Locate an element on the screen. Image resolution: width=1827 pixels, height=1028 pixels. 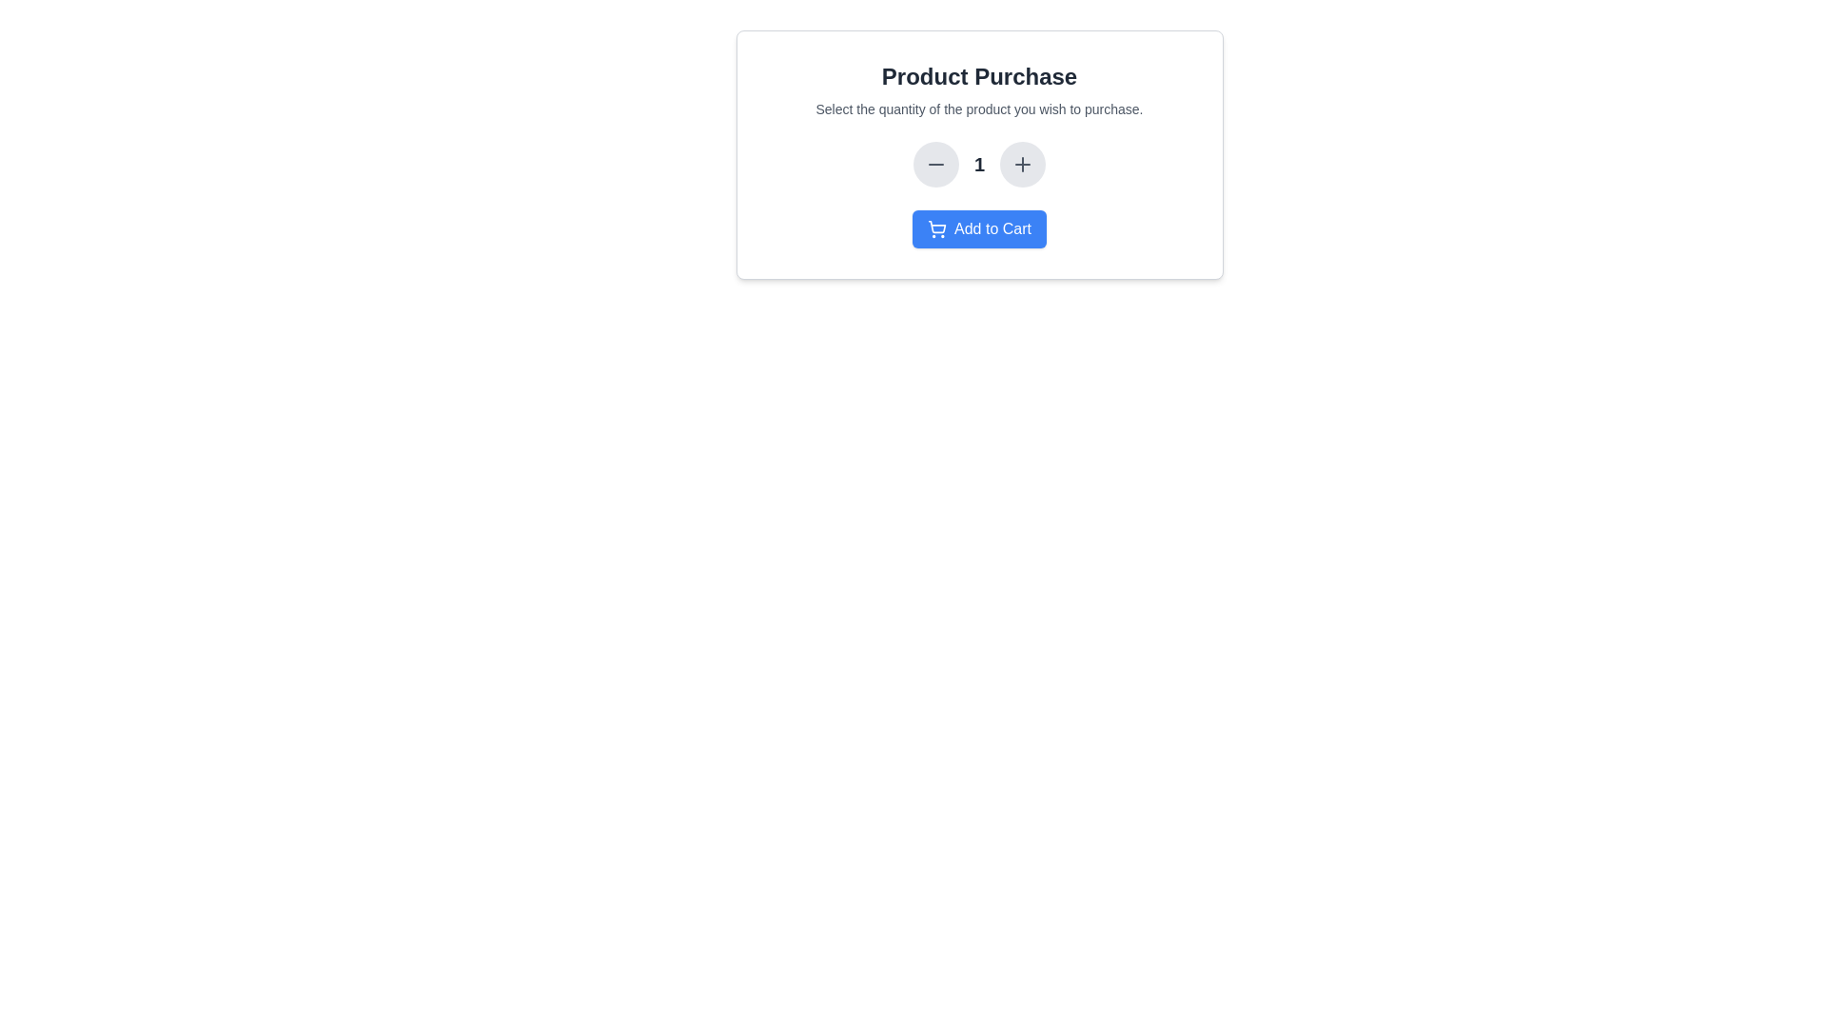
the shopping cart icon styled in line with the 'Add to Cart' button's blue background, located to the left of the 'Add to Cart' text is located at coordinates (936, 227).